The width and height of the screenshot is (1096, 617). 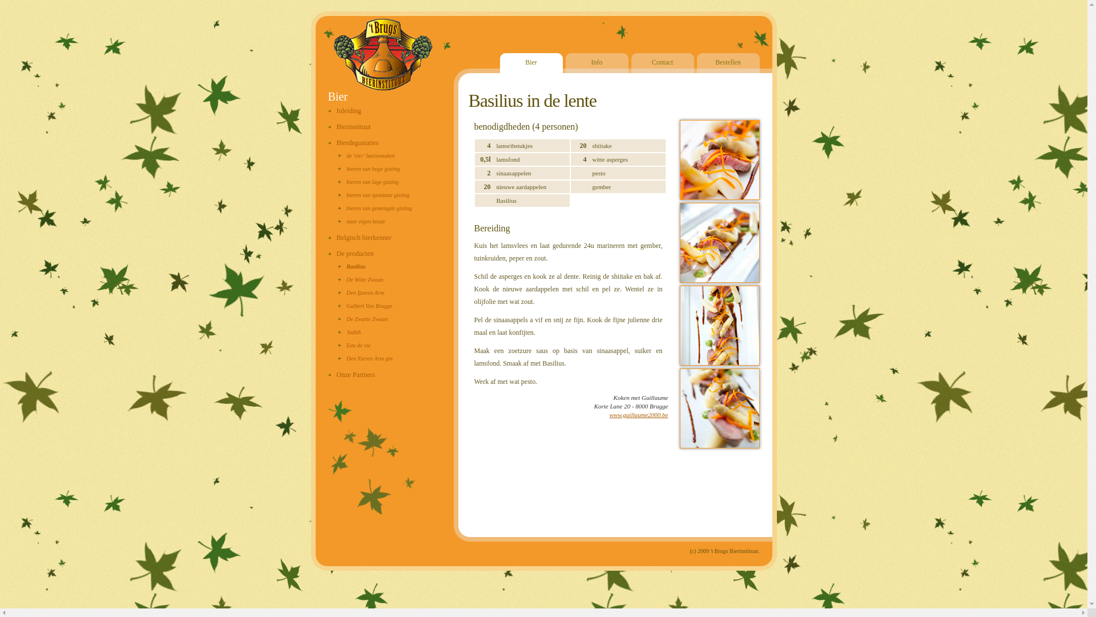 What do you see at coordinates (531, 63) in the screenshot?
I see `'Bier'` at bounding box center [531, 63].